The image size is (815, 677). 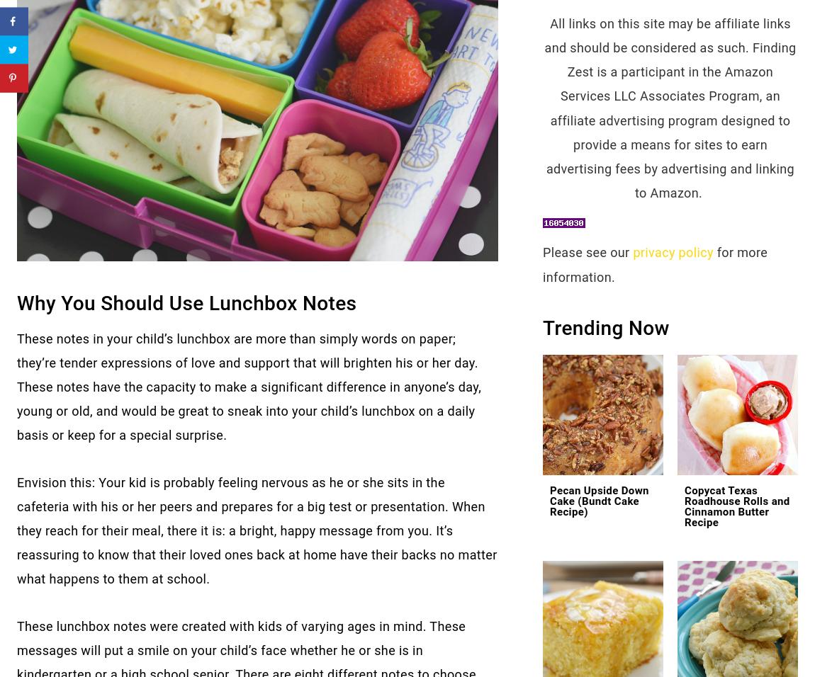 What do you see at coordinates (249, 385) in the screenshot?
I see `'These notes in your child’s lunchbox are more than simply words on paper; they’re tender expressions of love and support that will brighten his or her day. These notes have the capacity to make a significant difference in anyone’s day, young or old, and would be great to sneak into your child’s lunchbox on a daily basis or keep for a special surprise.'` at bounding box center [249, 385].